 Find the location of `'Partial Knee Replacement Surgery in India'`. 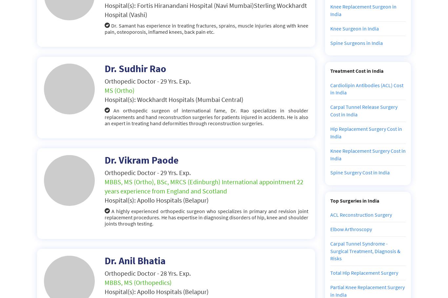

'Partial Knee Replacement Surgery in India' is located at coordinates (367, 291).